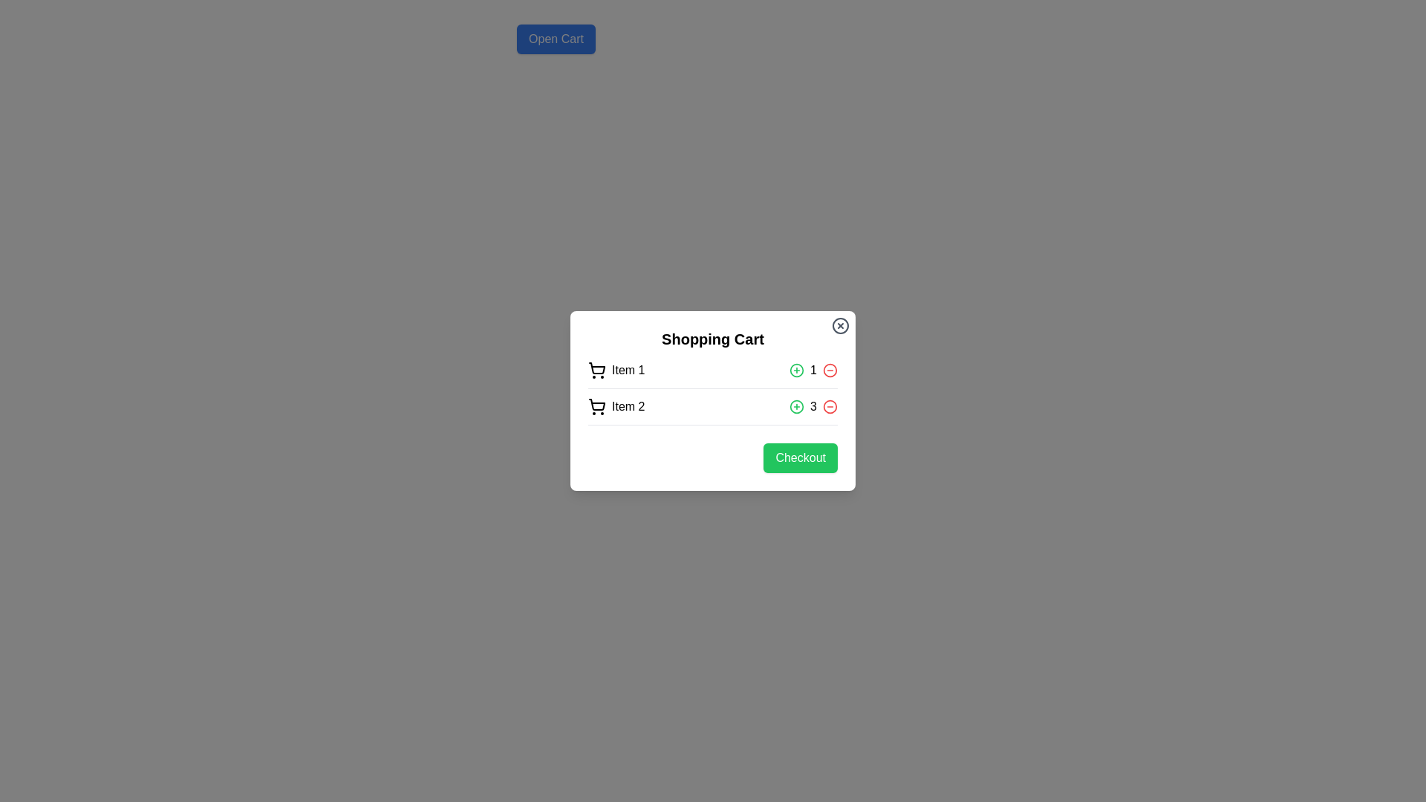  Describe the element at coordinates (830, 369) in the screenshot. I see `the SVG circle element that represents the 'decrease quantity' button for 'Item 1' in the shopping cart interface` at that location.